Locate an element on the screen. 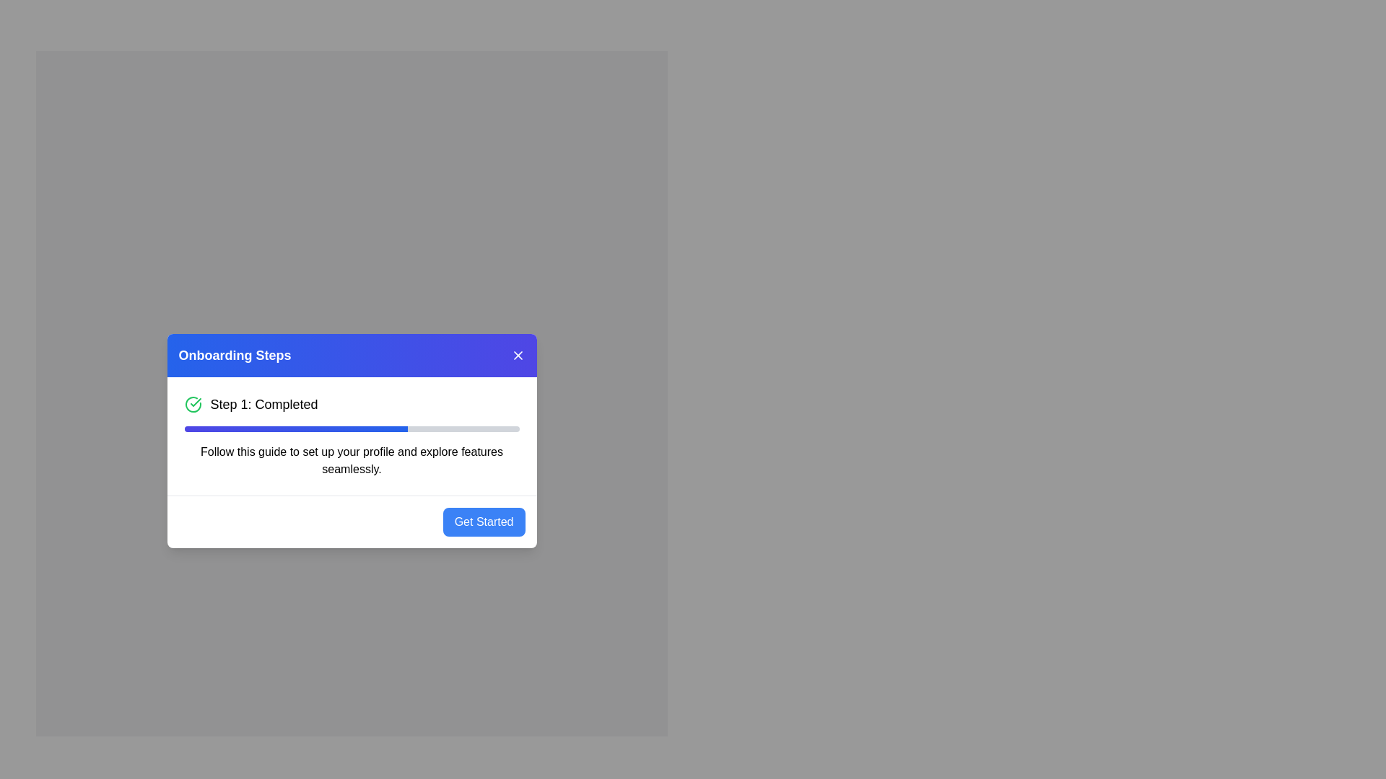 This screenshot has height=779, width=1386. the state of the Progress bar indicator, which visually indicates the completion progress within the onboarding steps, located below 'Step 1: Completed' is located at coordinates (295, 428).